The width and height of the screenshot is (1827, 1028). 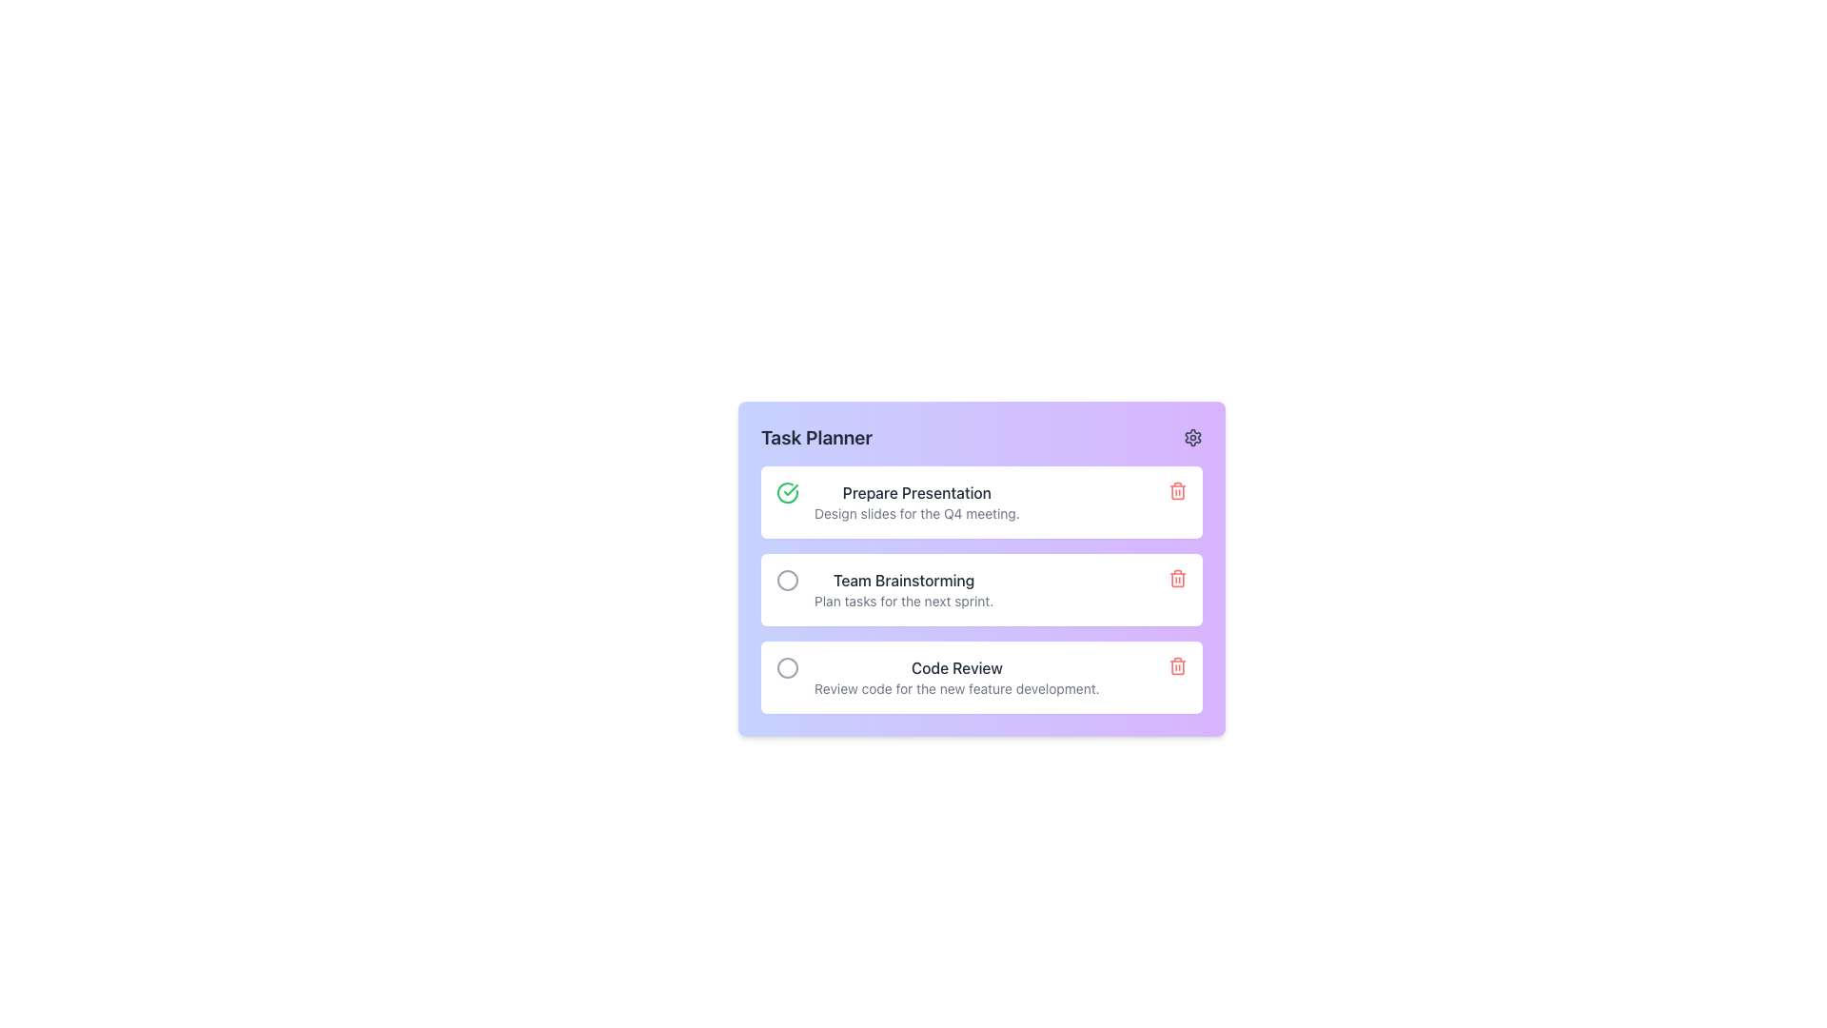 What do you see at coordinates (916, 491) in the screenshot?
I see `the static text label that serves as the title of the topmost task in the task list, providing an overview of the task's objective` at bounding box center [916, 491].